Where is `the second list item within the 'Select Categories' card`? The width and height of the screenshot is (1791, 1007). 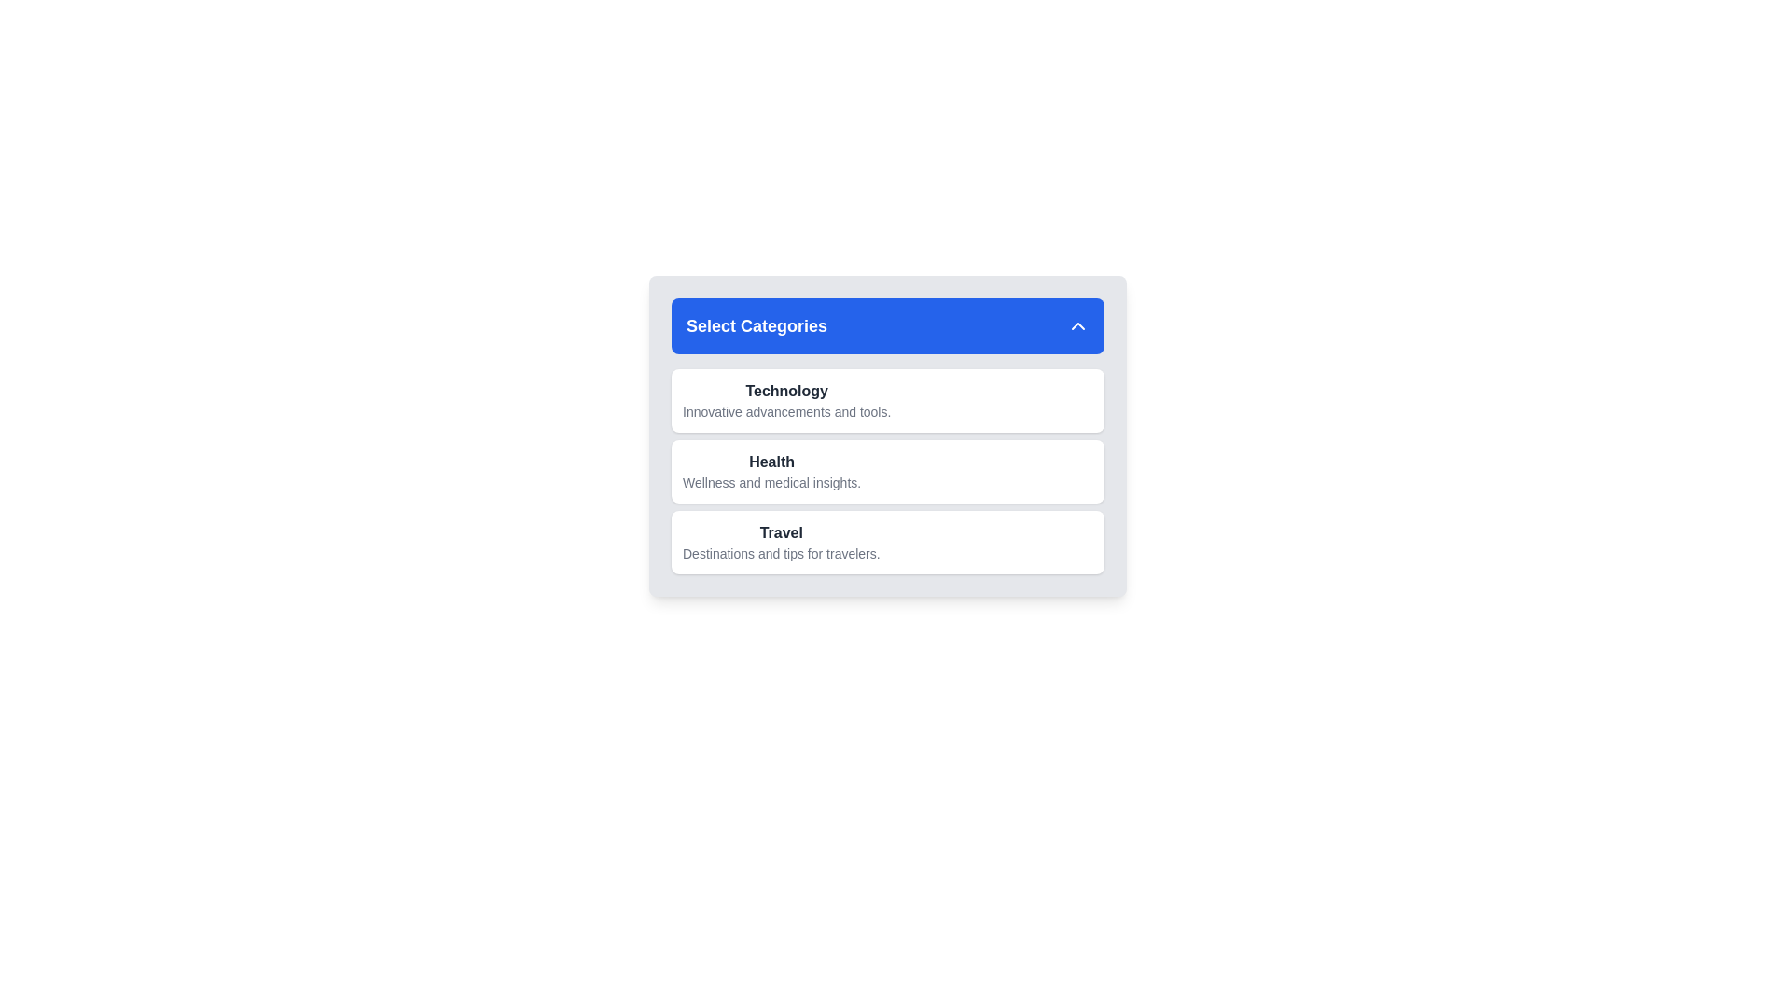
the second list item within the 'Select Categories' card is located at coordinates (886, 470).